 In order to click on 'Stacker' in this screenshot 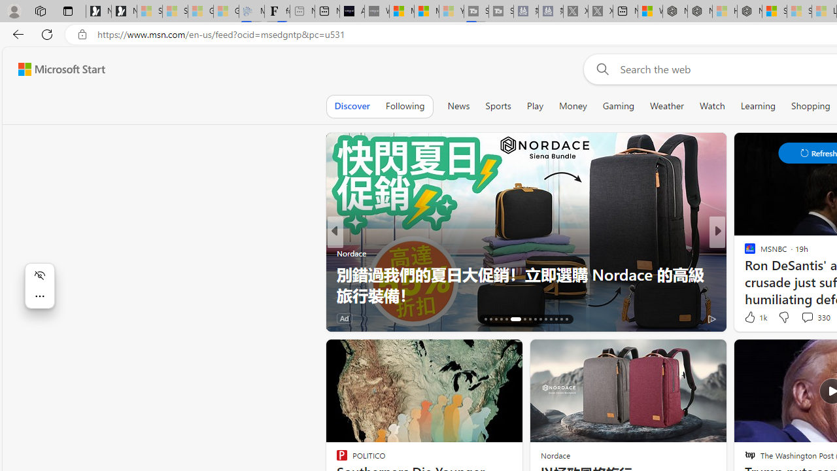, I will do `click(744, 253)`.